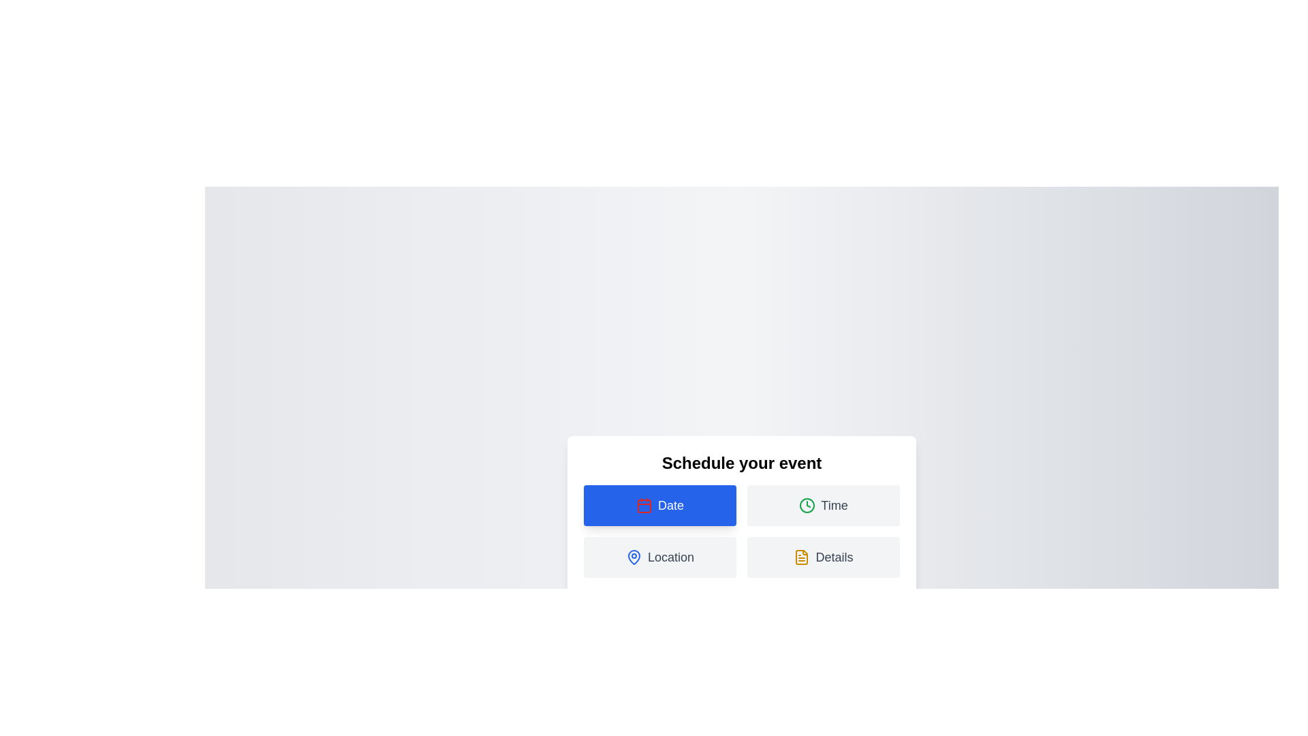 The height and width of the screenshot is (736, 1308). Describe the element at coordinates (643, 505) in the screenshot. I see `the 'Date' selection icon, which is the first visual component inside the blue 'Date' button located in the top-left quadrant of the four-button layout` at that location.